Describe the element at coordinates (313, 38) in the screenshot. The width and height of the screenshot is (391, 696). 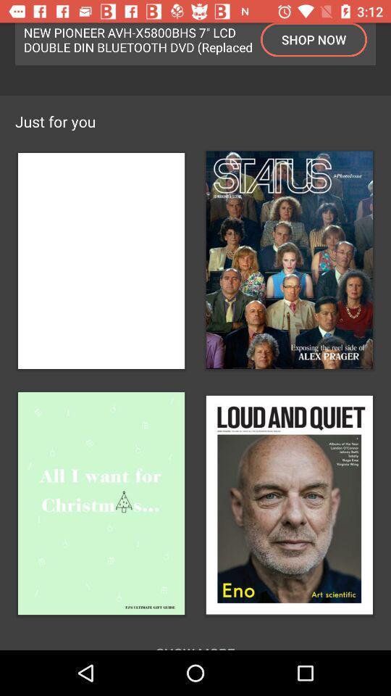
I see `item to the right of new pioneer avh icon` at that location.